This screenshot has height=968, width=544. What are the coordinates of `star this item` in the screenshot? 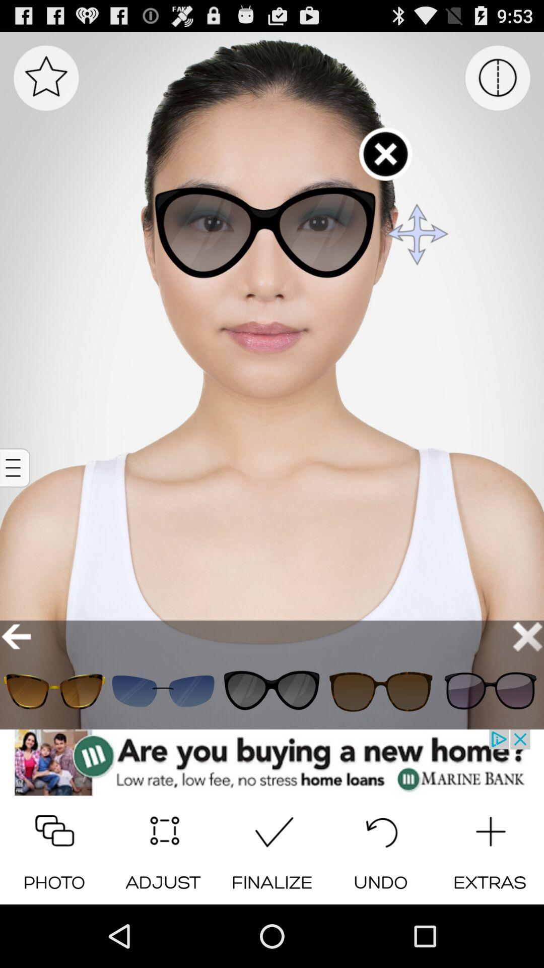 It's located at (46, 77).